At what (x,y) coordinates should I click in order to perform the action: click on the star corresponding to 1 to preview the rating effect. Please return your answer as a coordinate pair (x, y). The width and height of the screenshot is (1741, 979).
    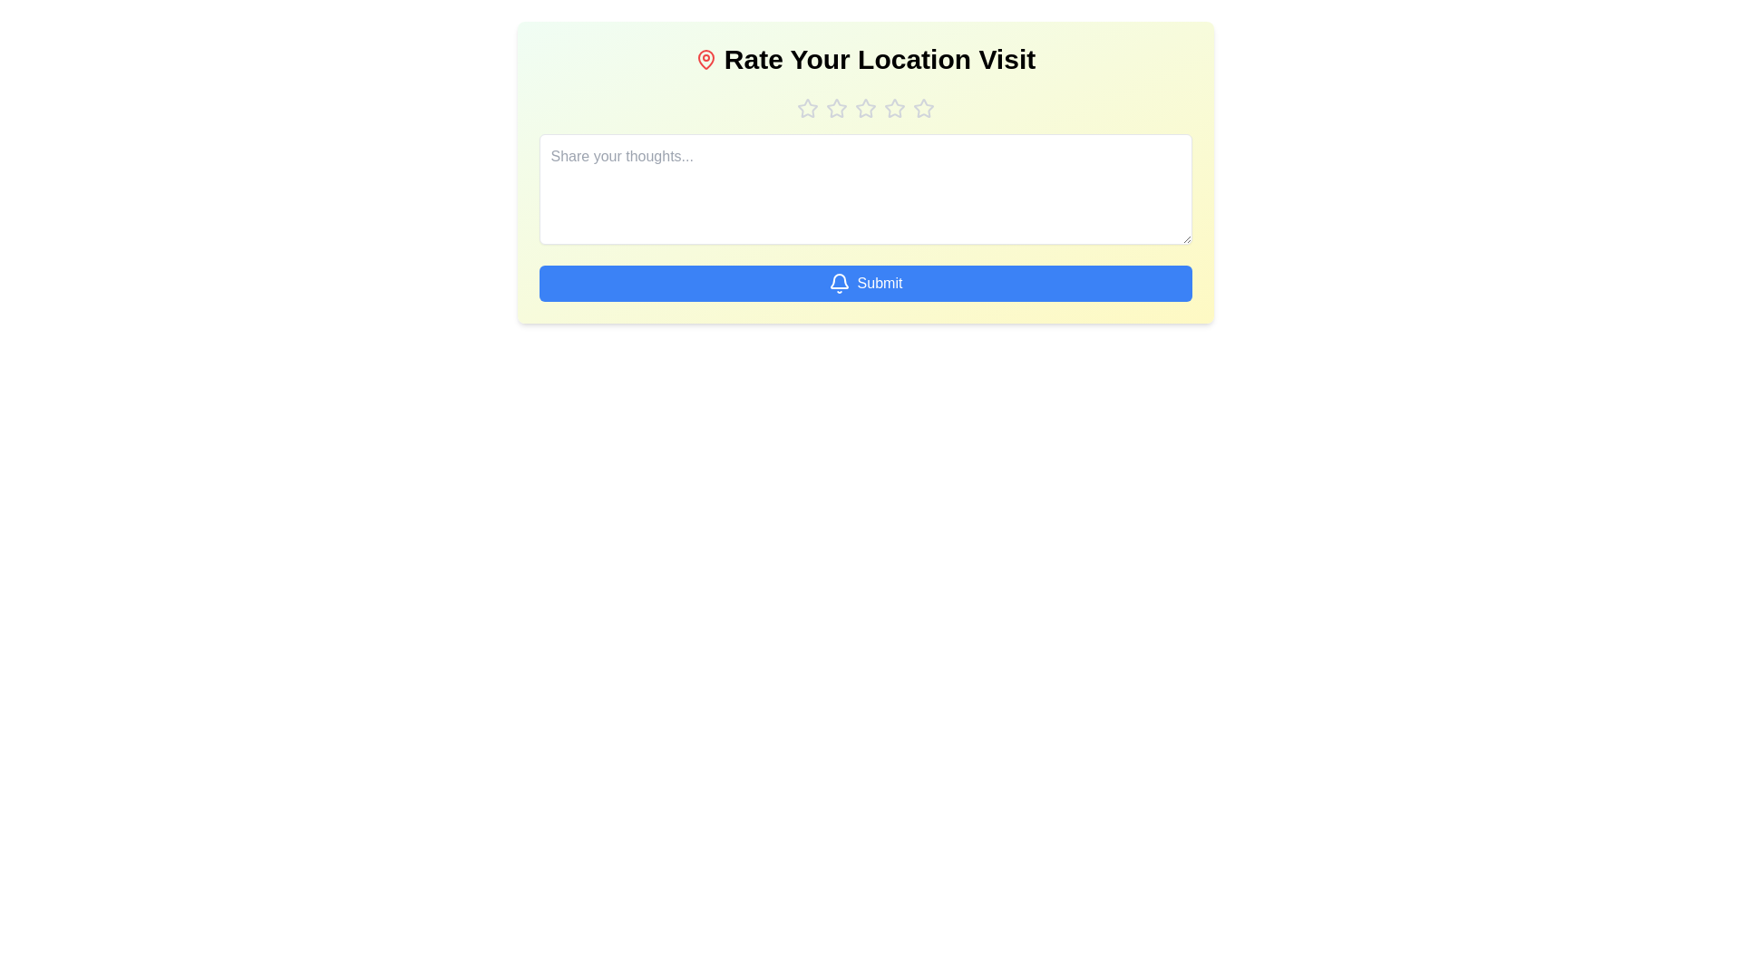
    Looking at the image, I should click on (806, 108).